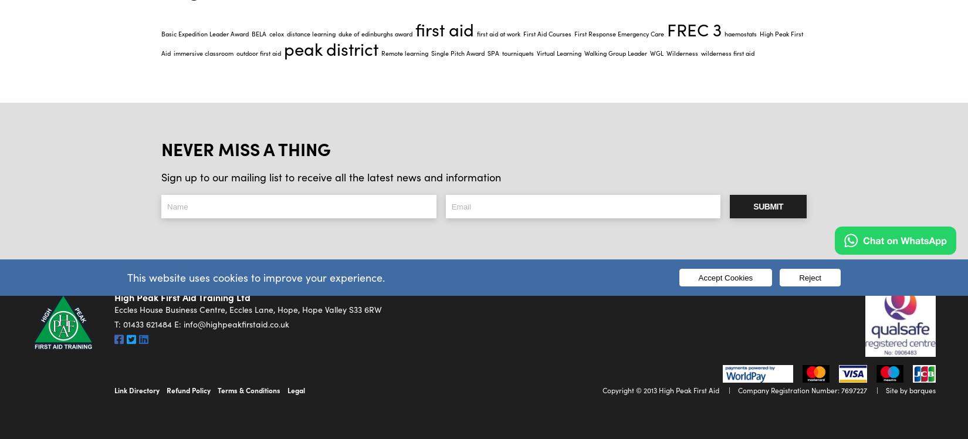  Describe the element at coordinates (258, 52) in the screenshot. I see `'outdoor first aid'` at that location.